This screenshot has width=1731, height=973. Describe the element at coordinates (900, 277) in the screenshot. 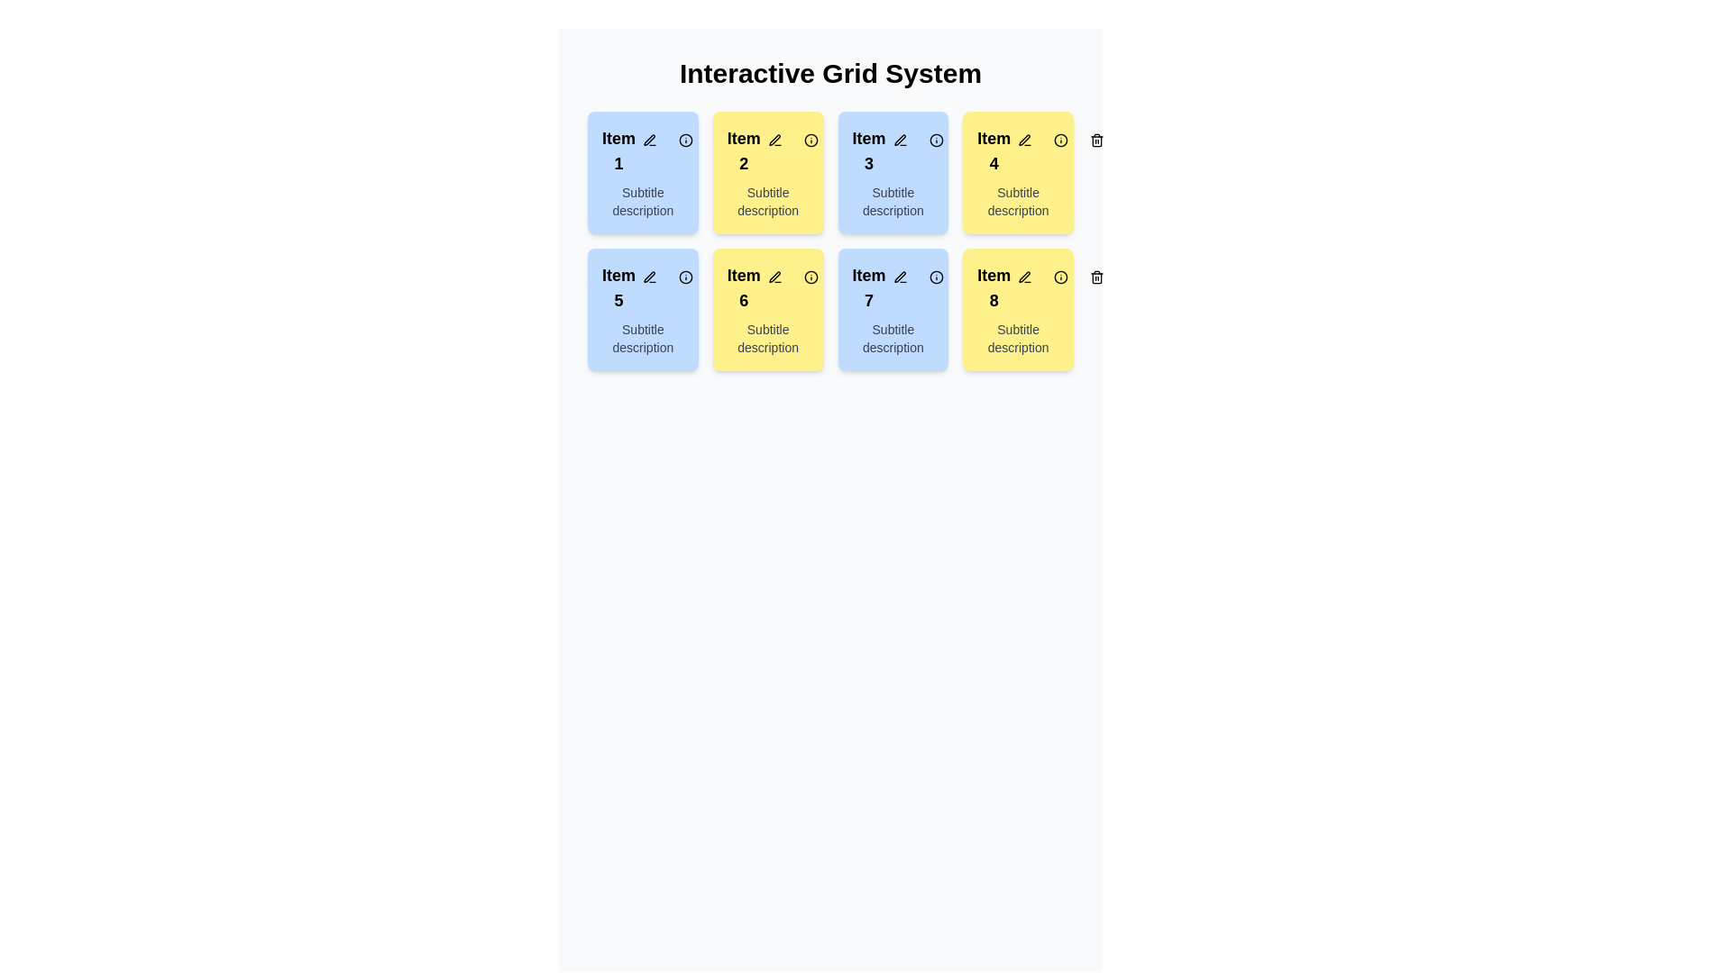

I see `the icon graphic resembling a pen or pencil located in the inline control group on the third row, second column (Item 7)` at that location.